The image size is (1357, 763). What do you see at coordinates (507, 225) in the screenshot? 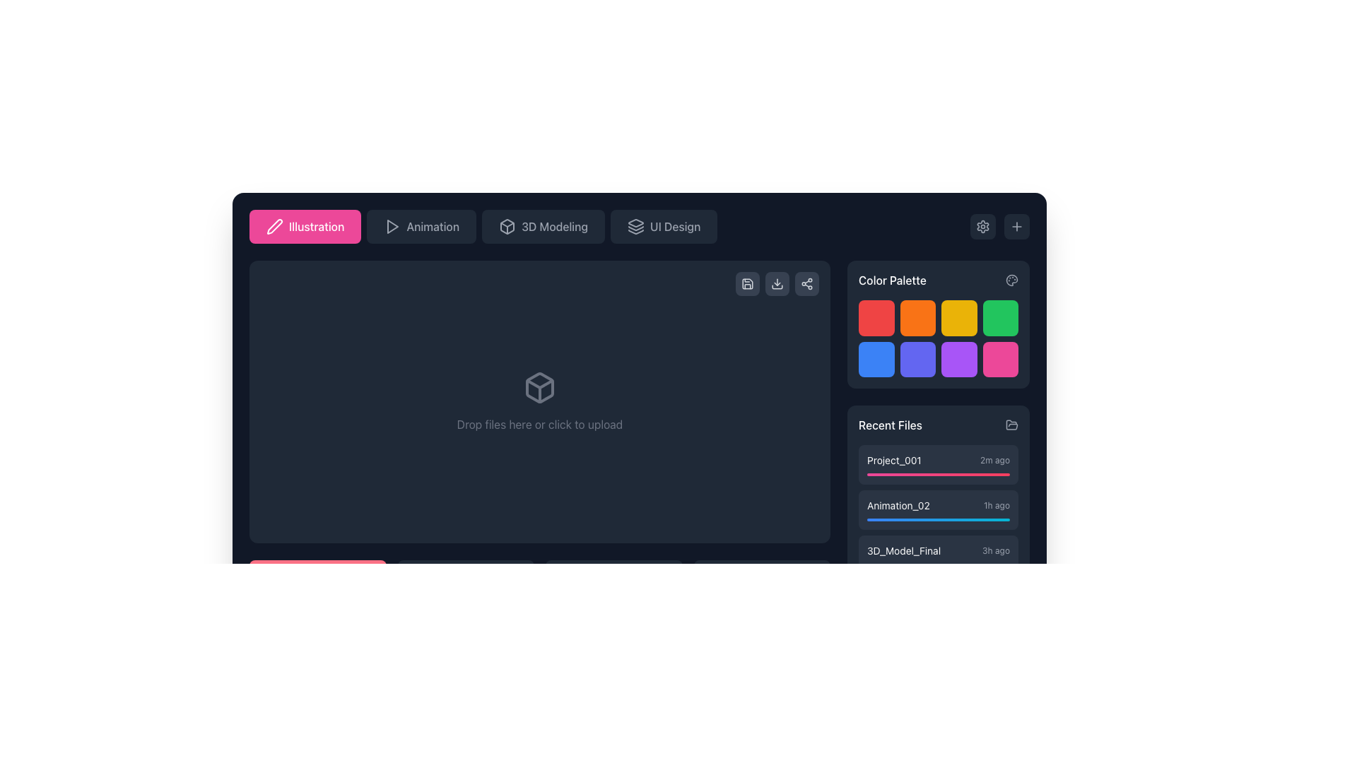
I see `the '3D Modeling' button in the navigation bar` at bounding box center [507, 225].